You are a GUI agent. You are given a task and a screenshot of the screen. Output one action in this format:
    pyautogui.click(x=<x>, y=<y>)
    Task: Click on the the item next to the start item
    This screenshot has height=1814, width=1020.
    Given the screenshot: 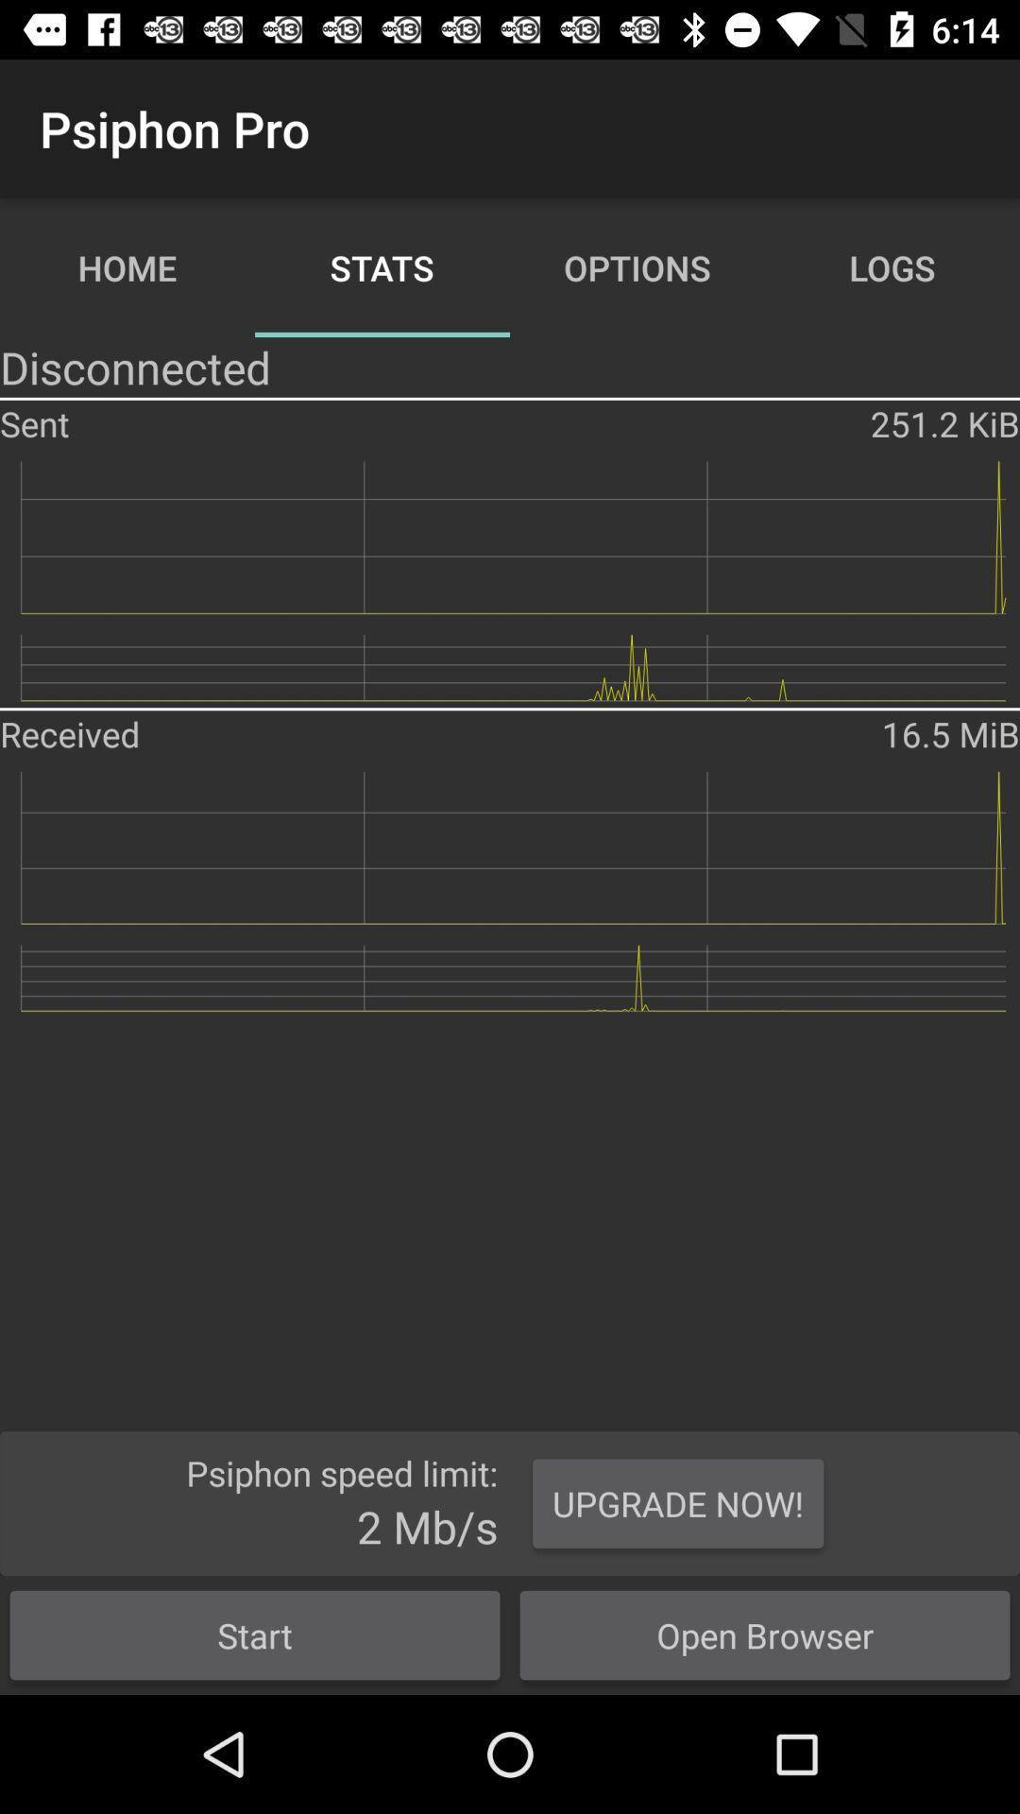 What is the action you would take?
    pyautogui.click(x=765, y=1634)
    